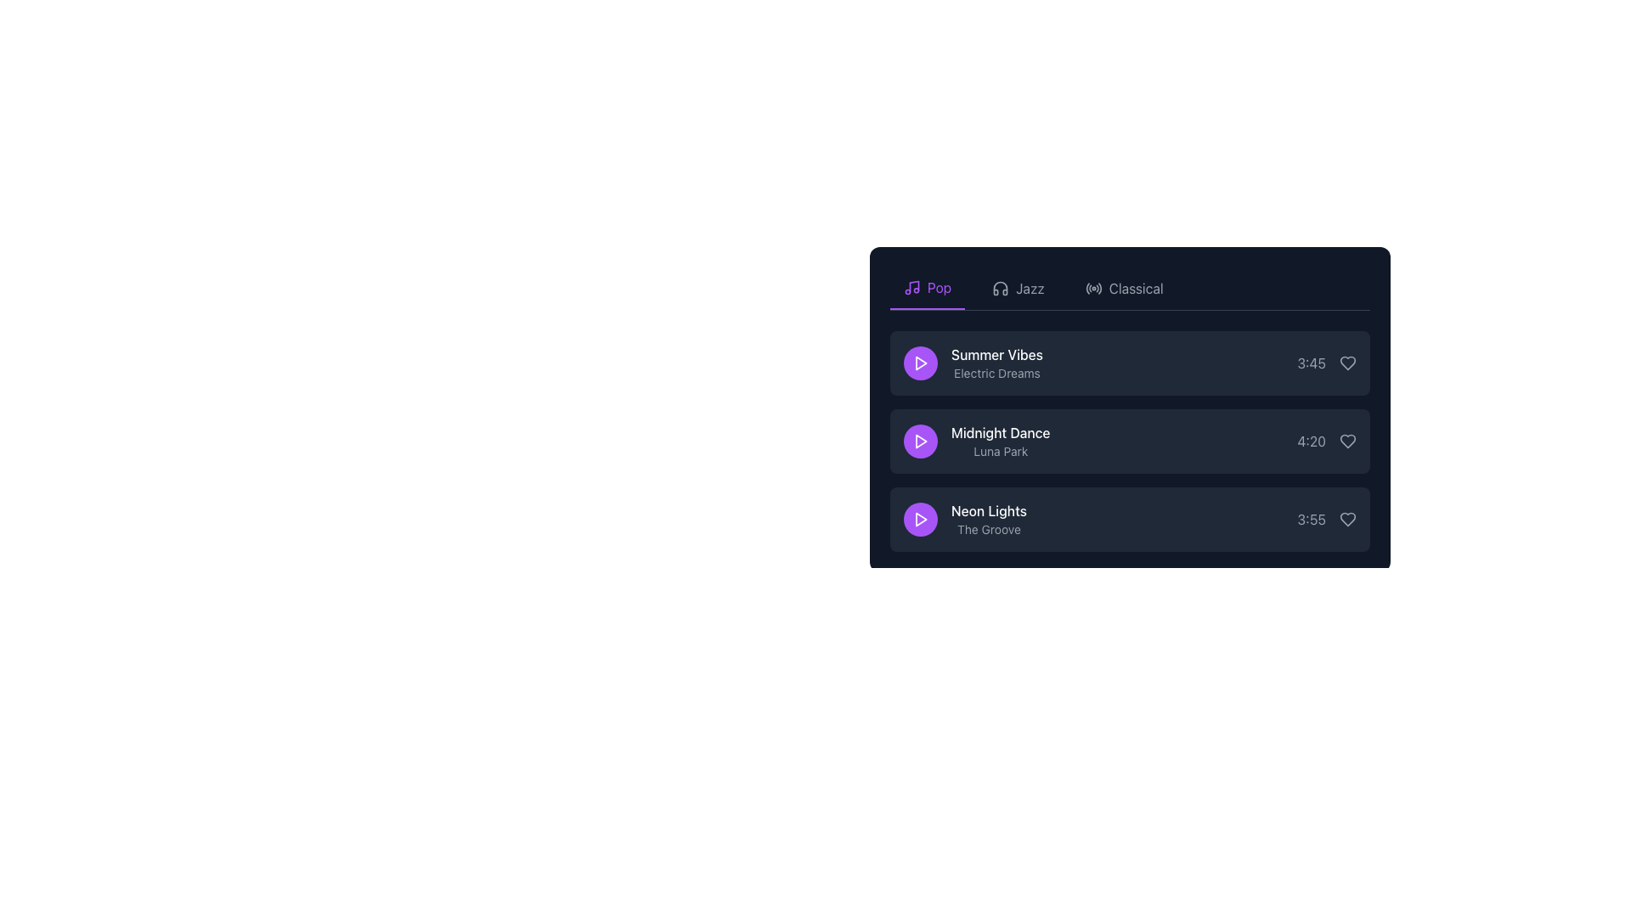  What do you see at coordinates (920, 441) in the screenshot?
I see `the graphical play button icon for the song 'Midnight Dance' to initiate playback` at bounding box center [920, 441].